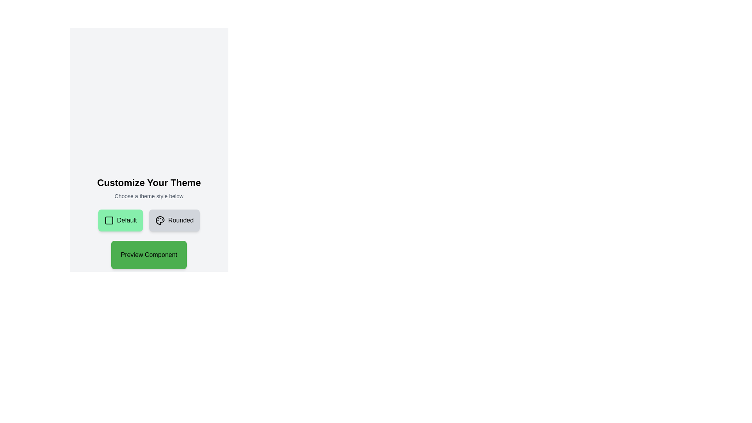 This screenshot has width=752, height=423. I want to click on the Text header element that serves as a focal point for the theme customization options, located near the top of the visible content area, so click(149, 183).